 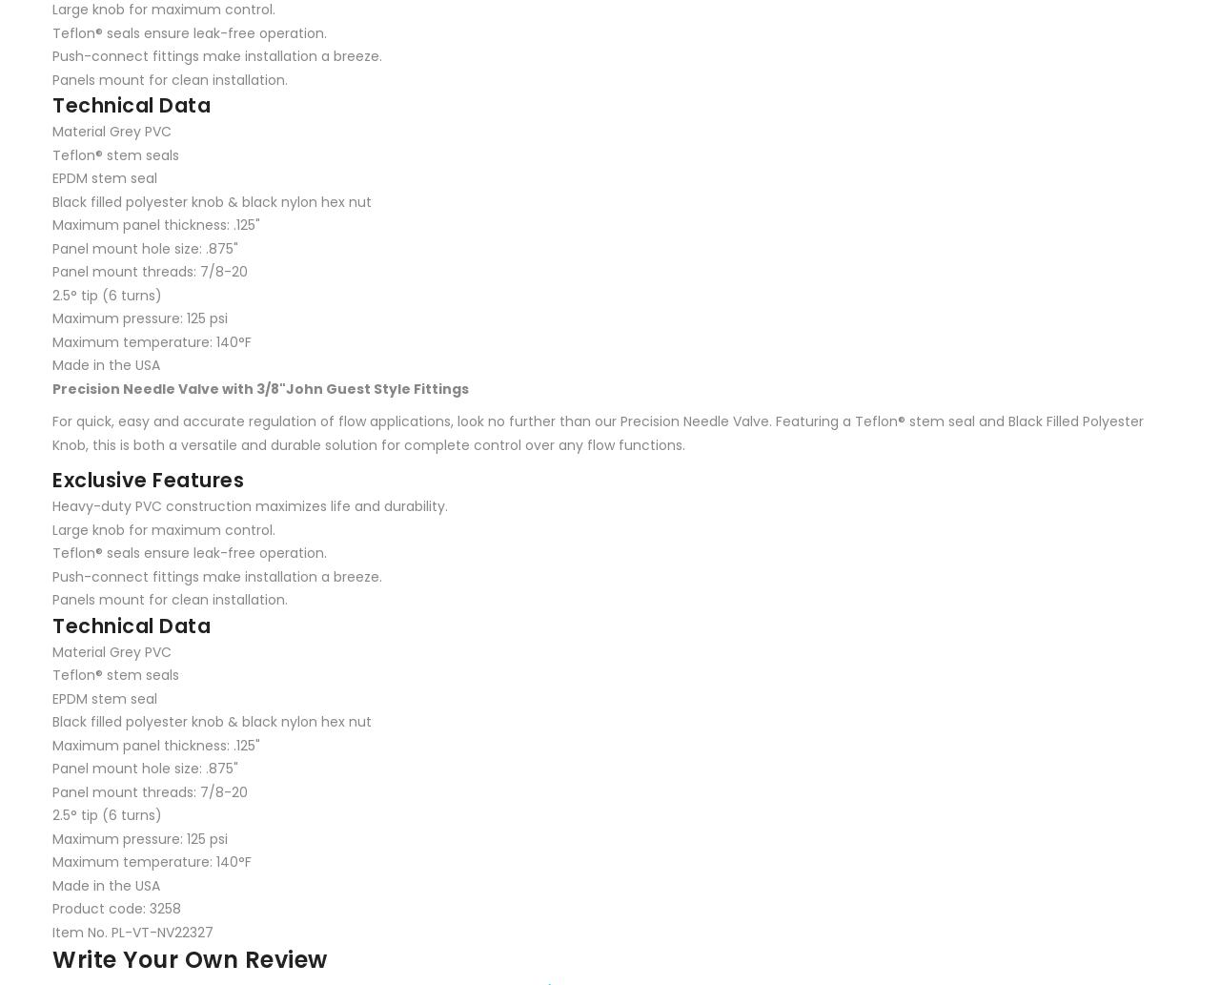 I want to click on 'Product code: 3258', so click(x=52, y=908).